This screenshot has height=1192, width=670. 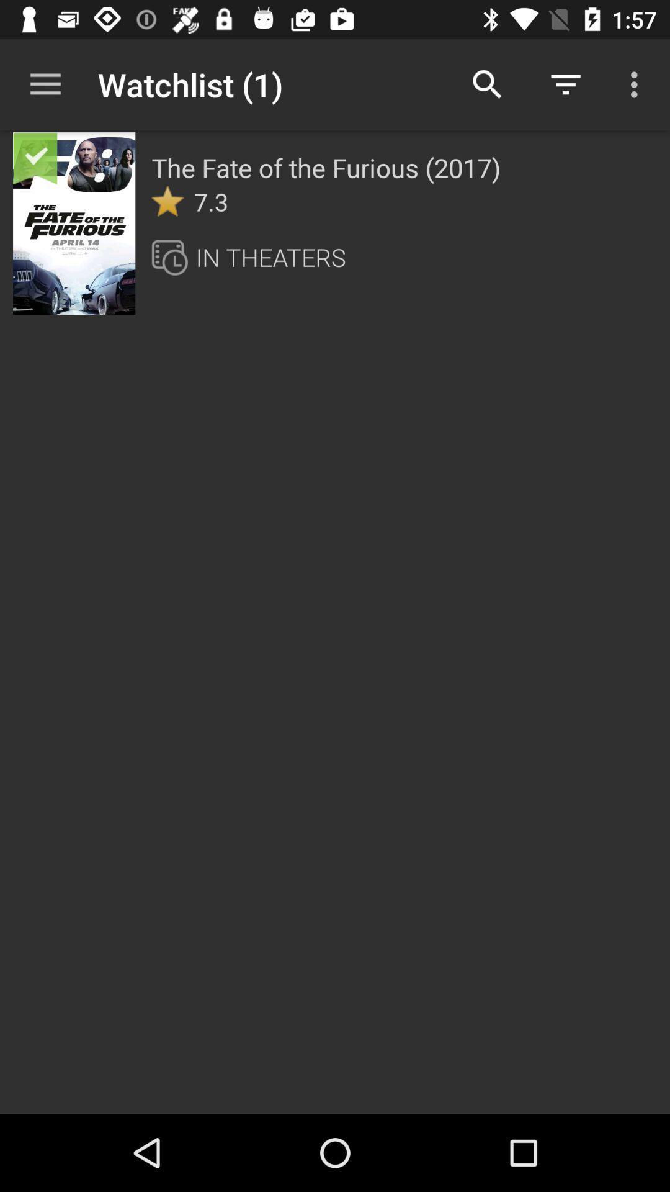 I want to click on item next to watchlist (1) icon, so click(x=45, y=84).